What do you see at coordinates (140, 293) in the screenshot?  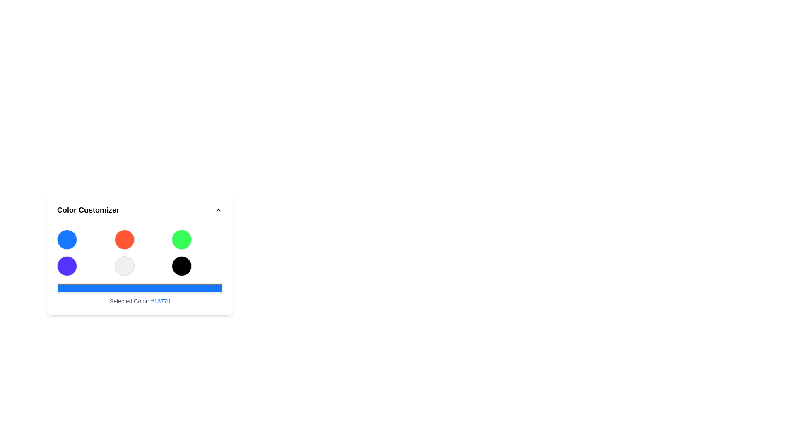 I see `the Color display field labeled 'Selected Color: #1677ff', which visually represents the currently selected color` at bounding box center [140, 293].